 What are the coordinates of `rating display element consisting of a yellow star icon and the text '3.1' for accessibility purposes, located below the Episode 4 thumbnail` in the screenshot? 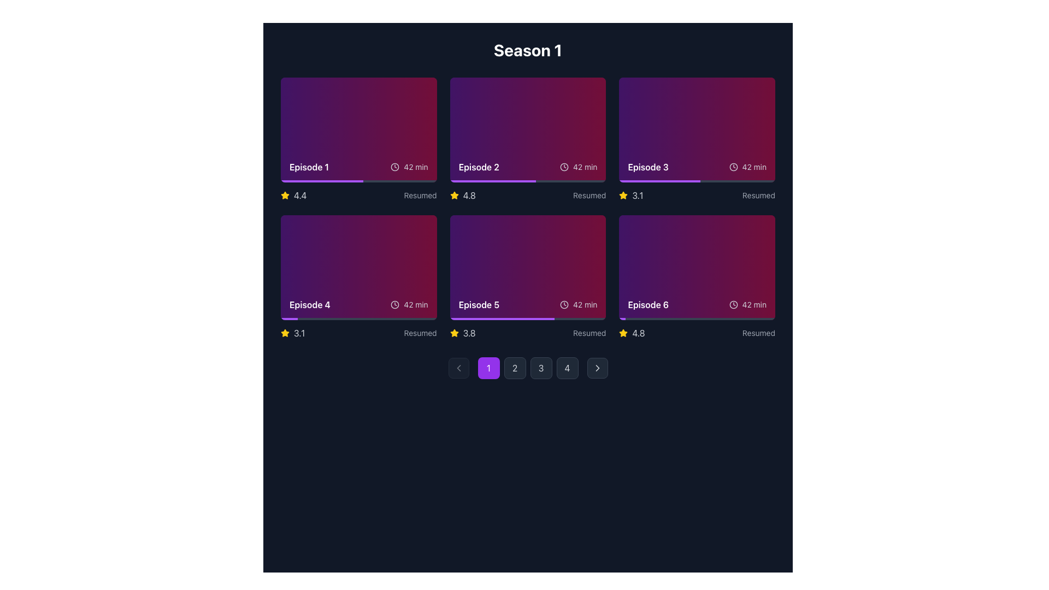 It's located at (293, 332).